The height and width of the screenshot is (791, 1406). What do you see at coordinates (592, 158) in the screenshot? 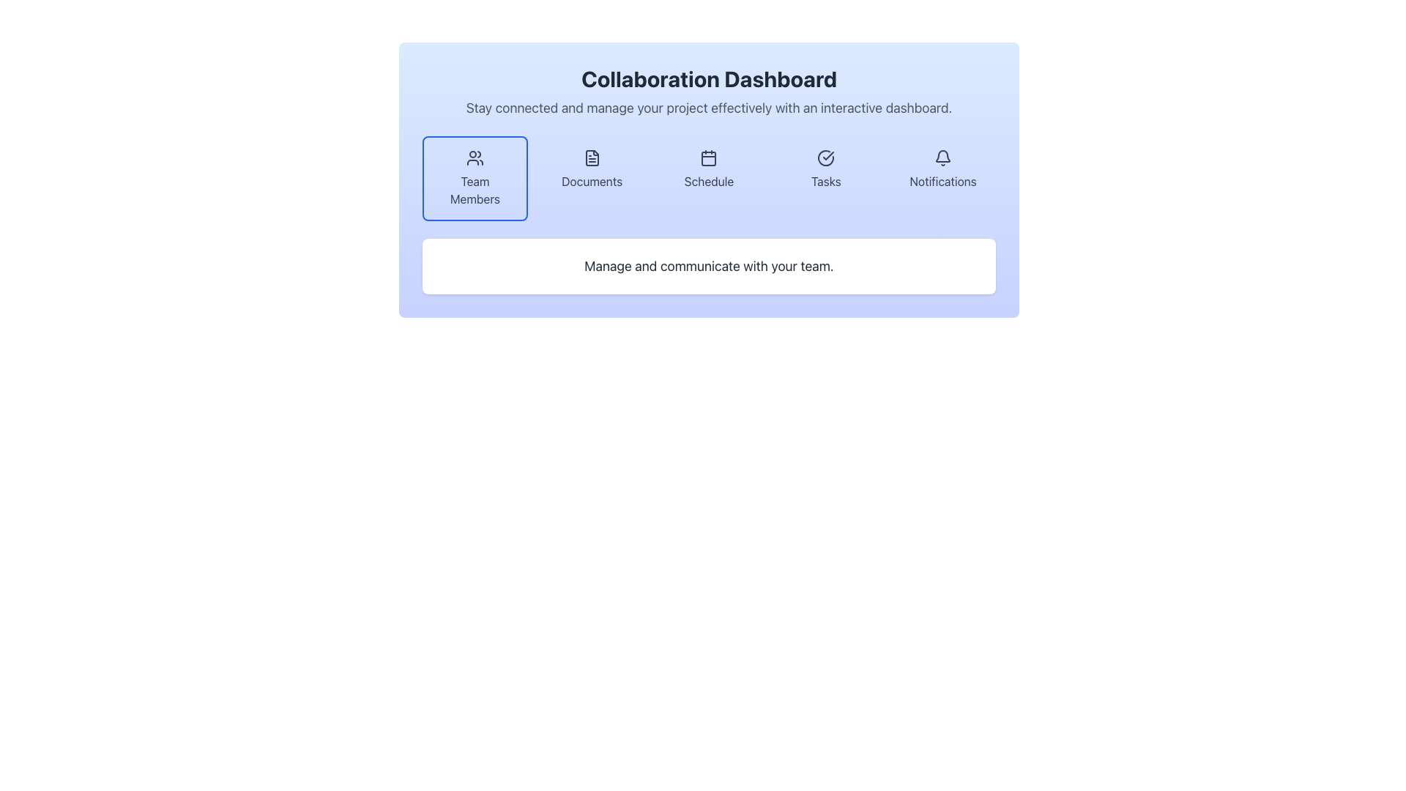
I see `the 'Documents' icon located in the top navigation section` at bounding box center [592, 158].